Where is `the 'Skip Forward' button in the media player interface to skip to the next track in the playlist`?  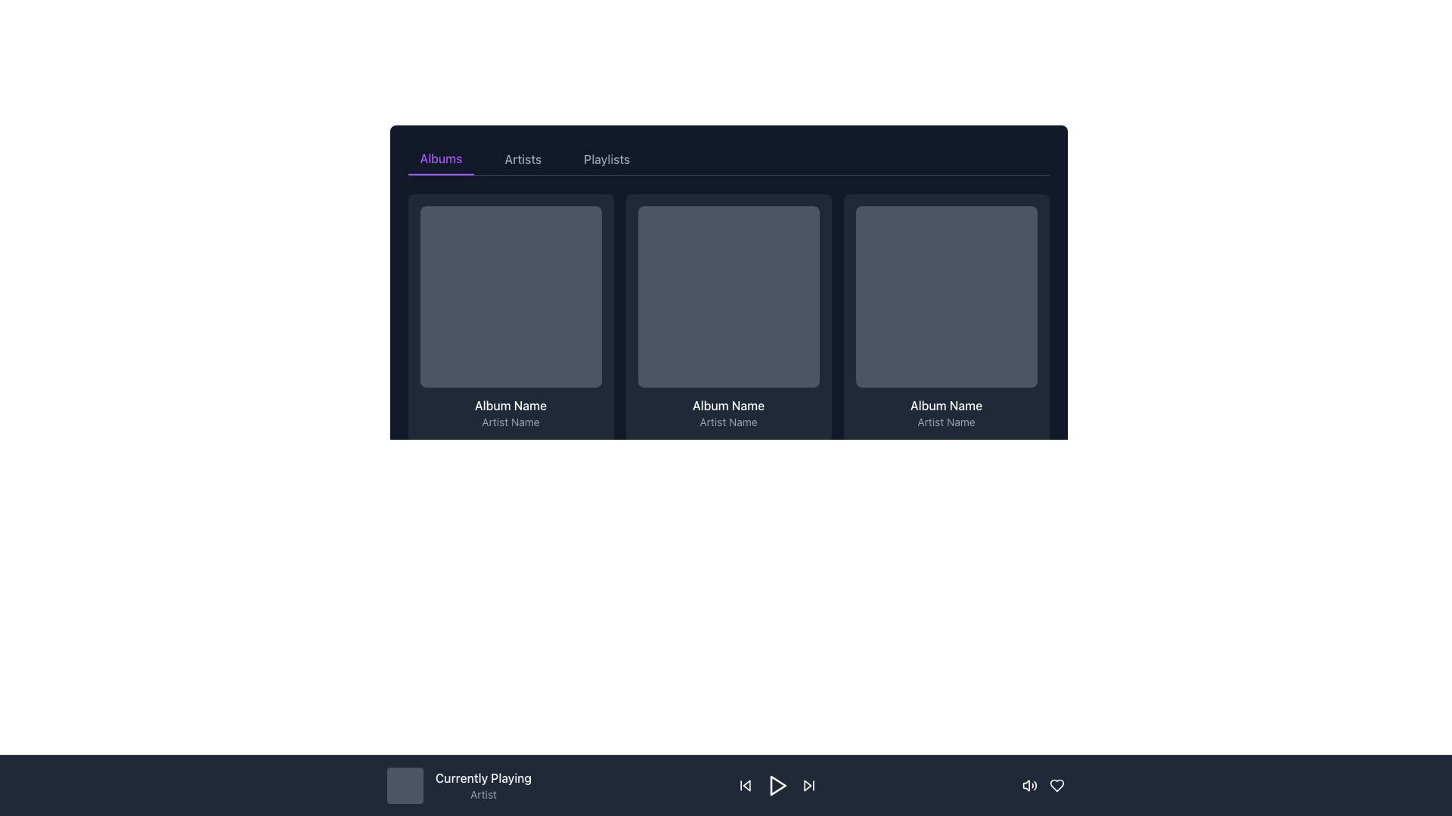 the 'Skip Forward' button in the media player interface to skip to the next track in the playlist is located at coordinates (808, 785).